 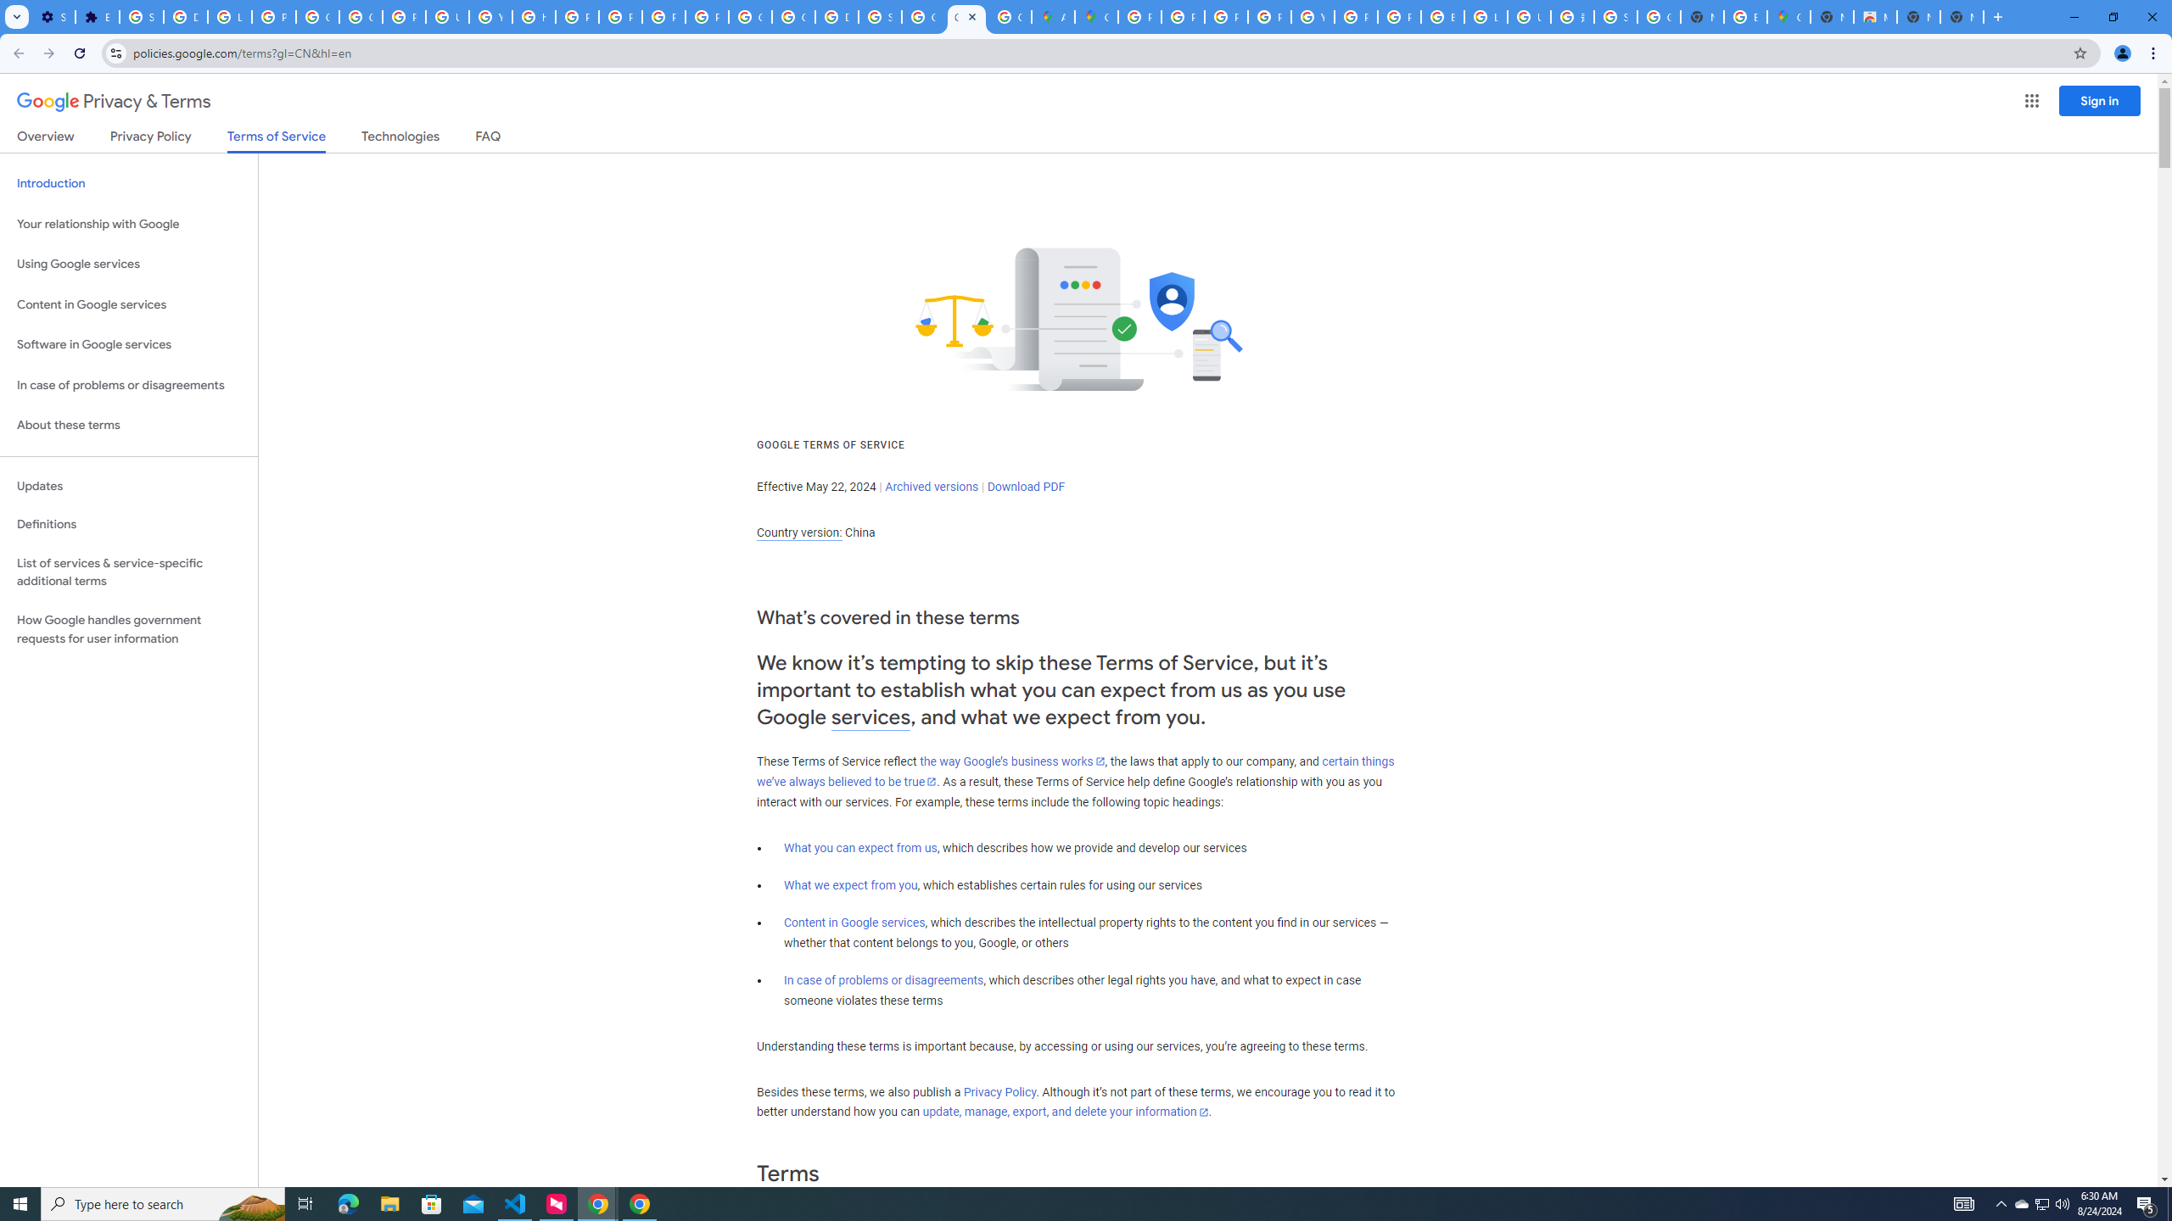 I want to click on 'update, manage, export, and delete your information', so click(x=1065, y=1111).